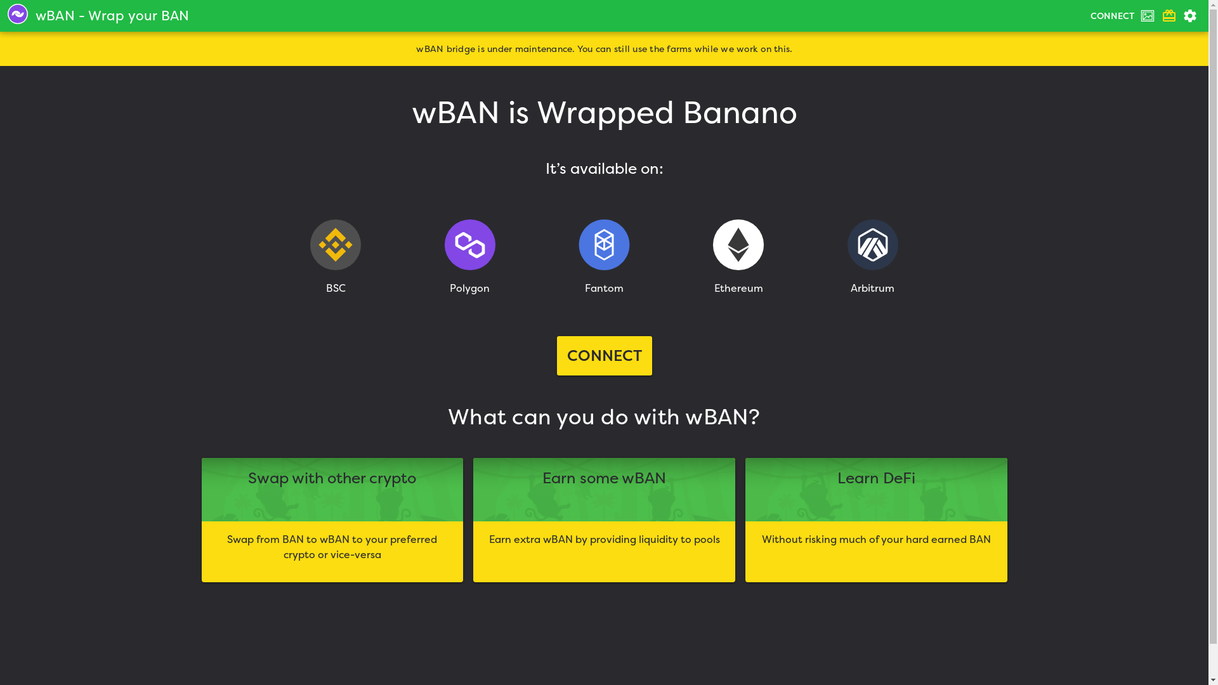 This screenshot has width=1218, height=685. Describe the element at coordinates (1178, 15) in the screenshot. I see `'settings'` at that location.